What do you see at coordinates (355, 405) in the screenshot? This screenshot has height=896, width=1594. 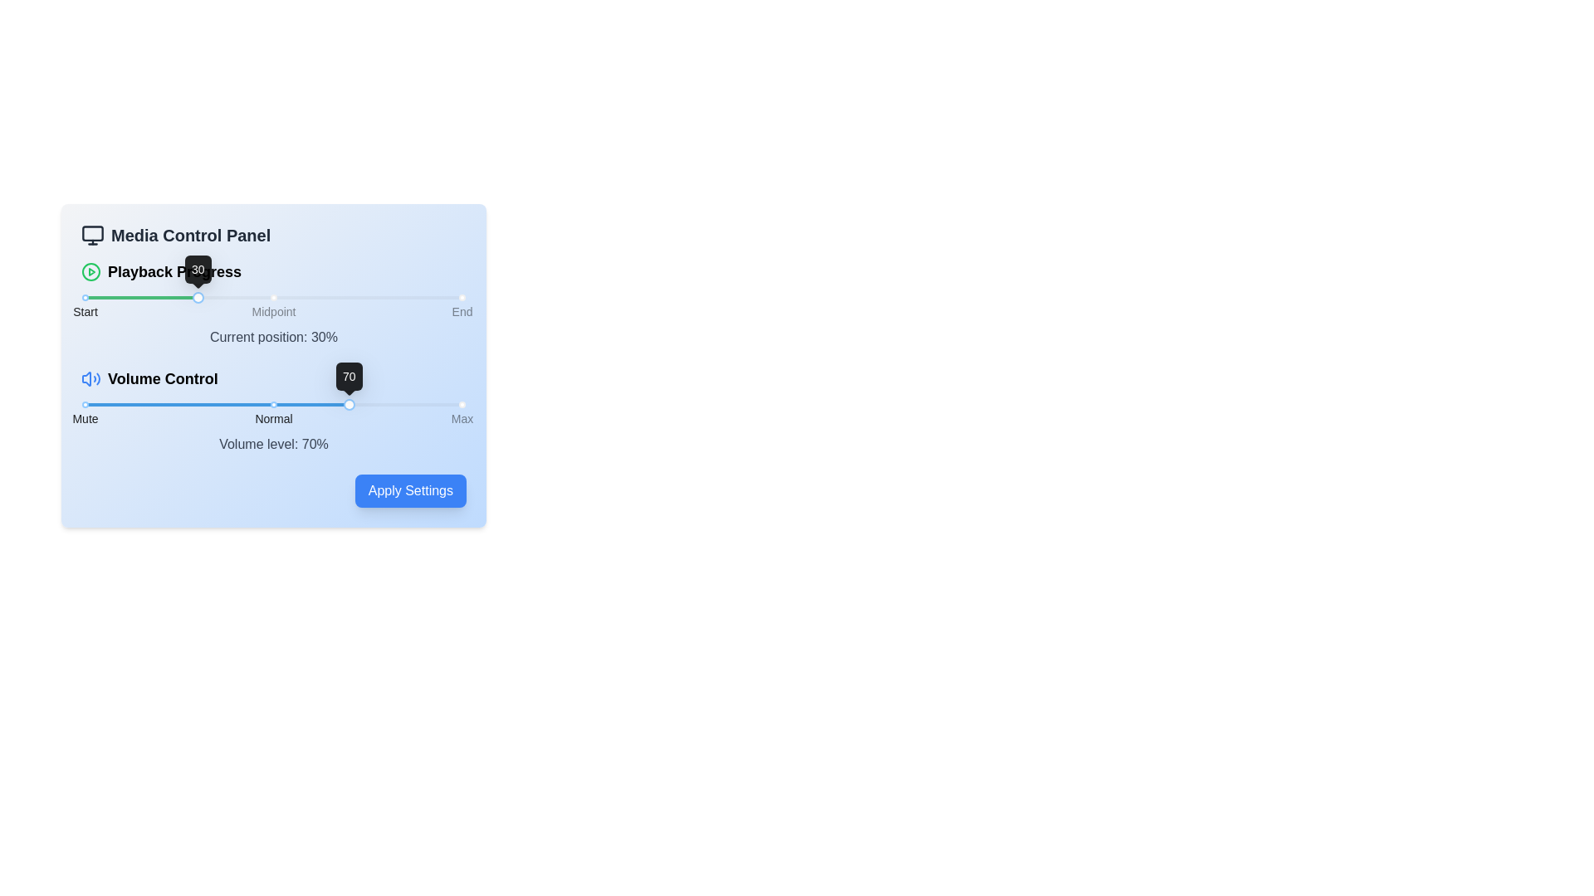 I see `the slider` at bounding box center [355, 405].